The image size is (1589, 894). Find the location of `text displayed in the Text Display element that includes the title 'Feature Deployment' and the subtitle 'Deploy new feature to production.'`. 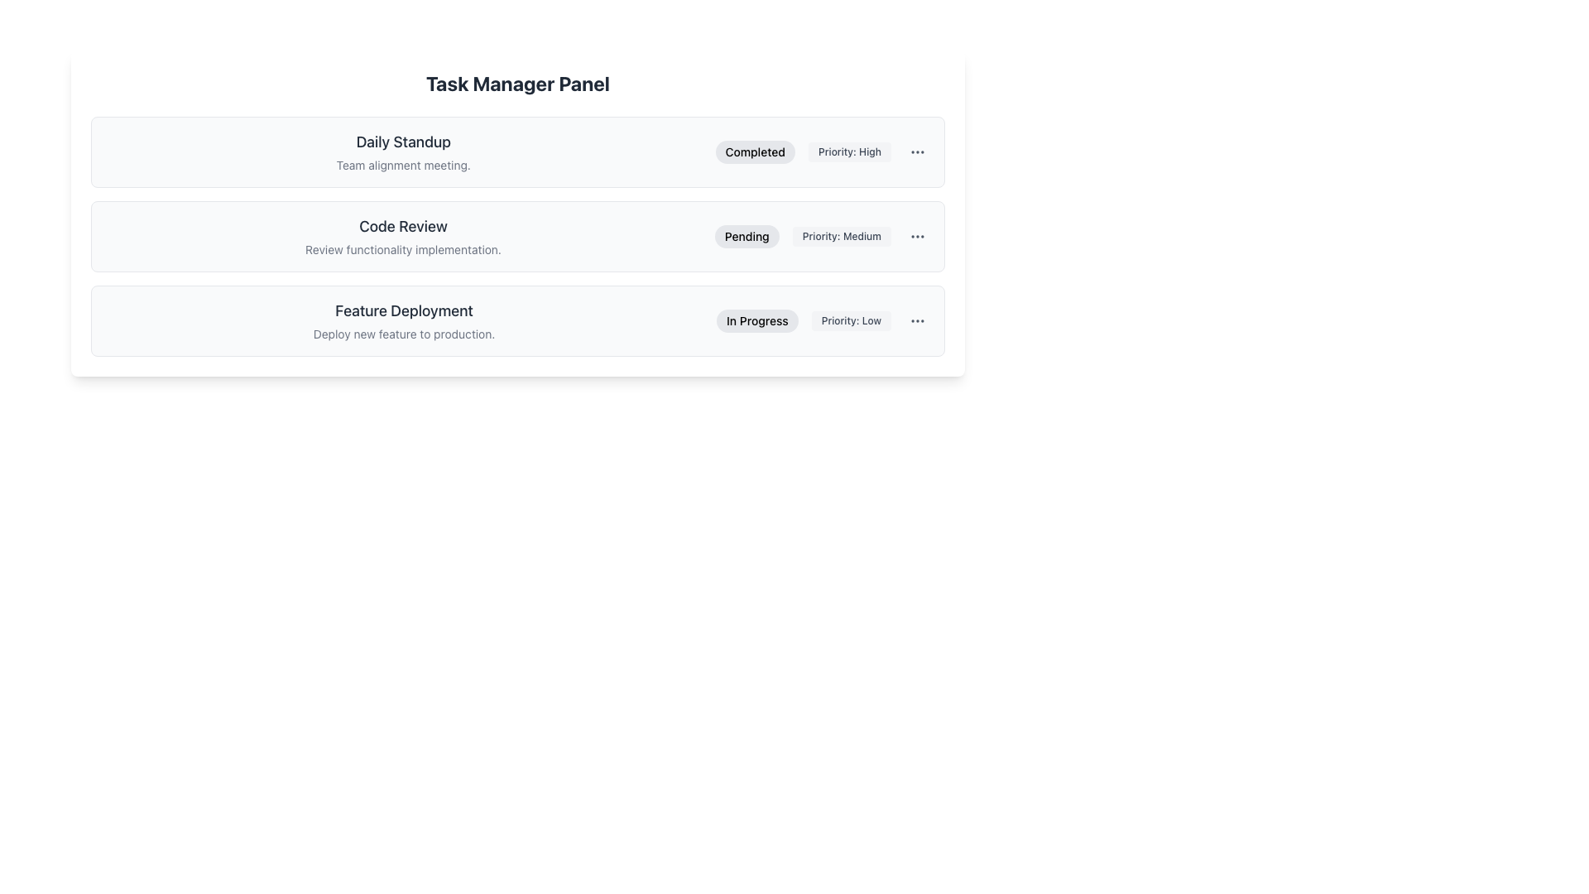

text displayed in the Text Display element that includes the title 'Feature Deployment' and the subtitle 'Deploy new feature to production.' is located at coordinates (404, 321).